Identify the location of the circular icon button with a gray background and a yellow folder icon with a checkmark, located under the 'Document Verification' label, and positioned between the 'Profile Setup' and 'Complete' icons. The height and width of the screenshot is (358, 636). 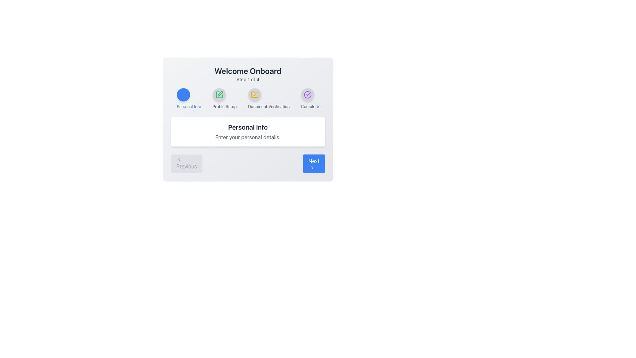
(254, 94).